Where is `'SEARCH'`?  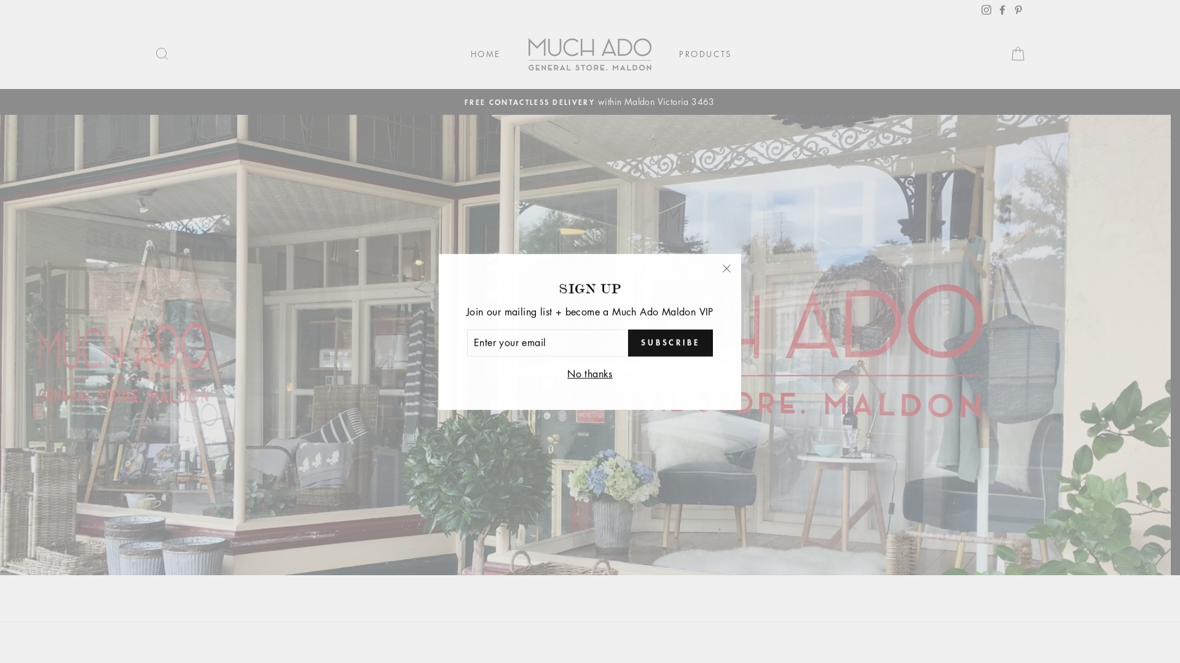 'SEARCH' is located at coordinates (141, 53).